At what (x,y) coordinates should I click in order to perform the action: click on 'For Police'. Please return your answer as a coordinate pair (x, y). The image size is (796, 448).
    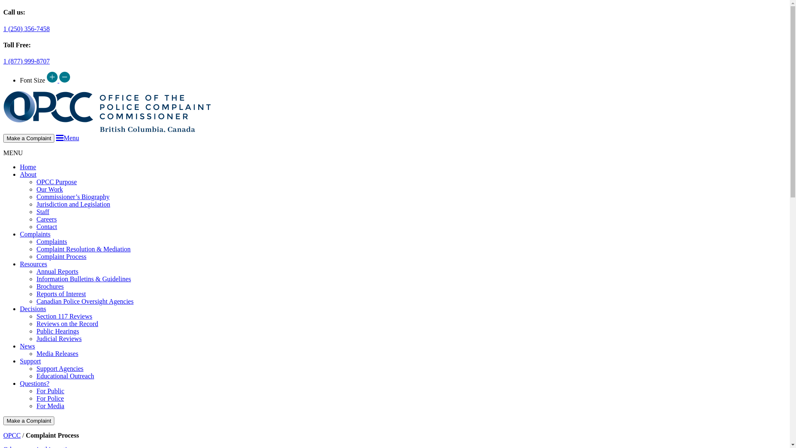
    Looking at the image, I should click on (36, 398).